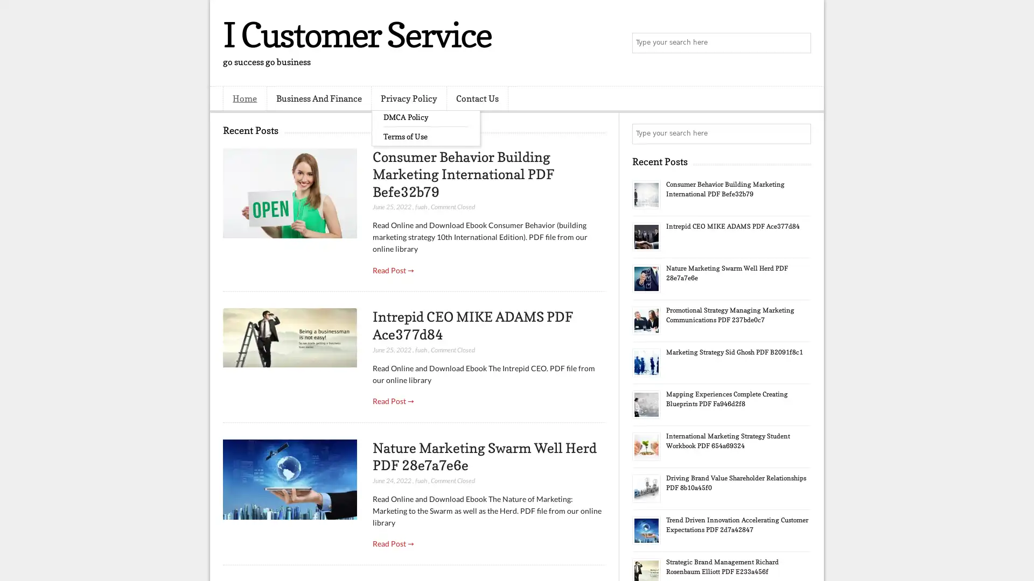 This screenshot has height=581, width=1034. Describe the element at coordinates (800, 133) in the screenshot. I see `Search` at that location.